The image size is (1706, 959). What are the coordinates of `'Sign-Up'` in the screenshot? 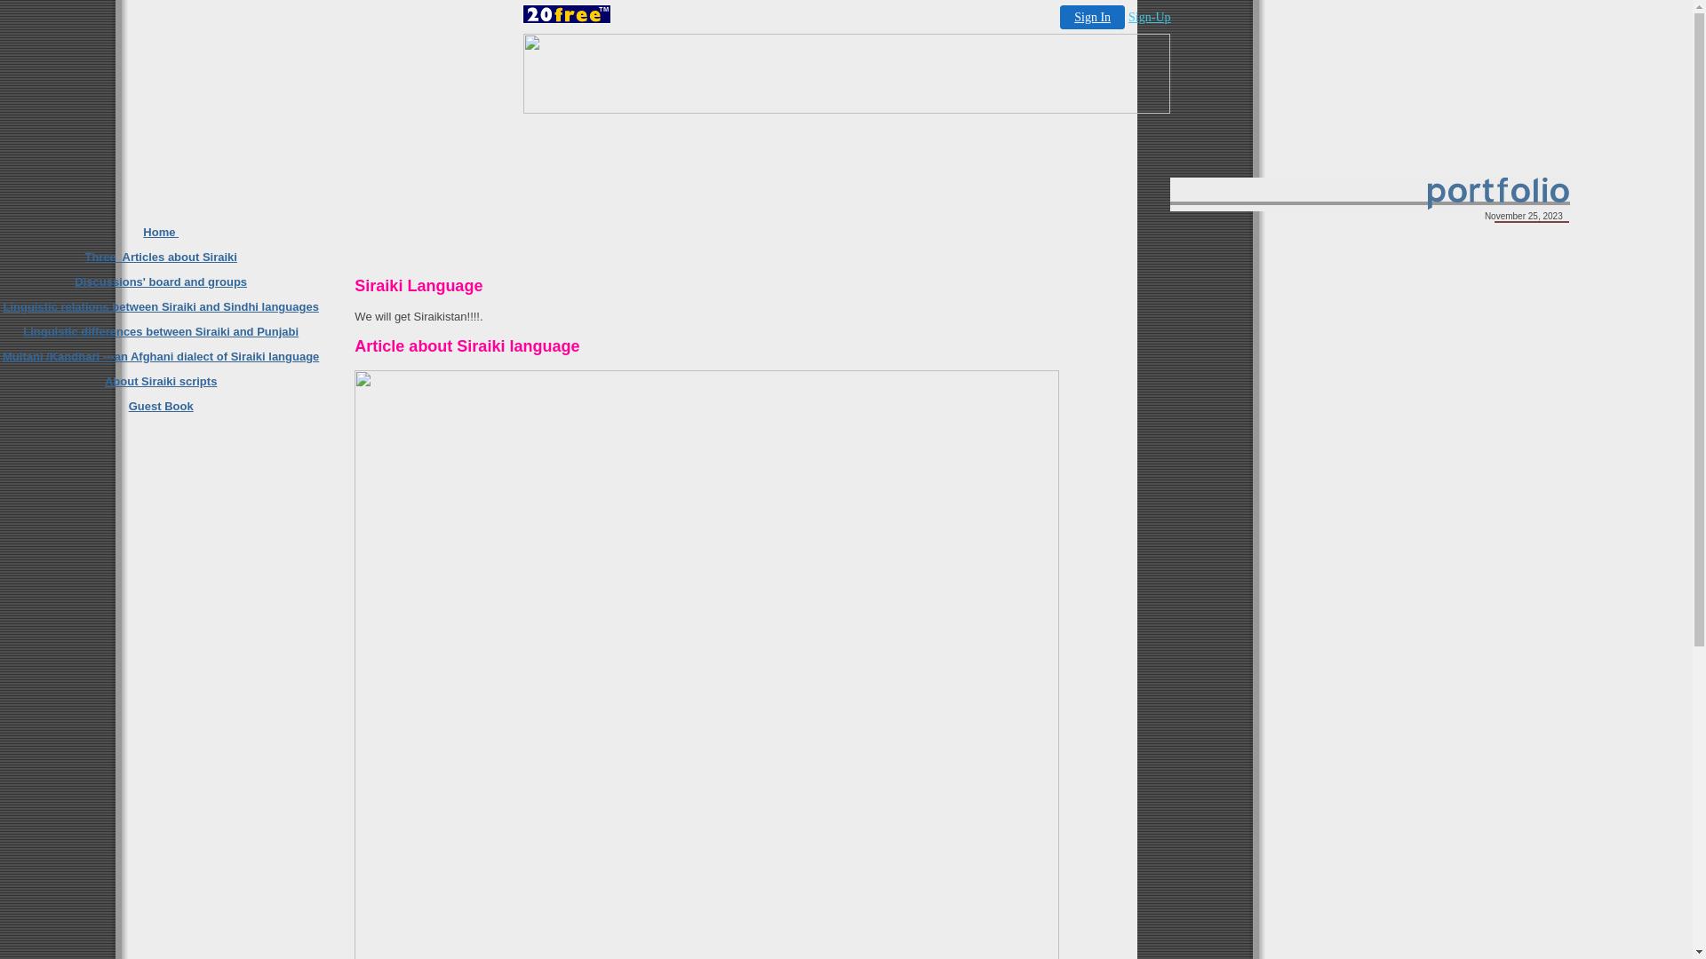 It's located at (1149, 17).